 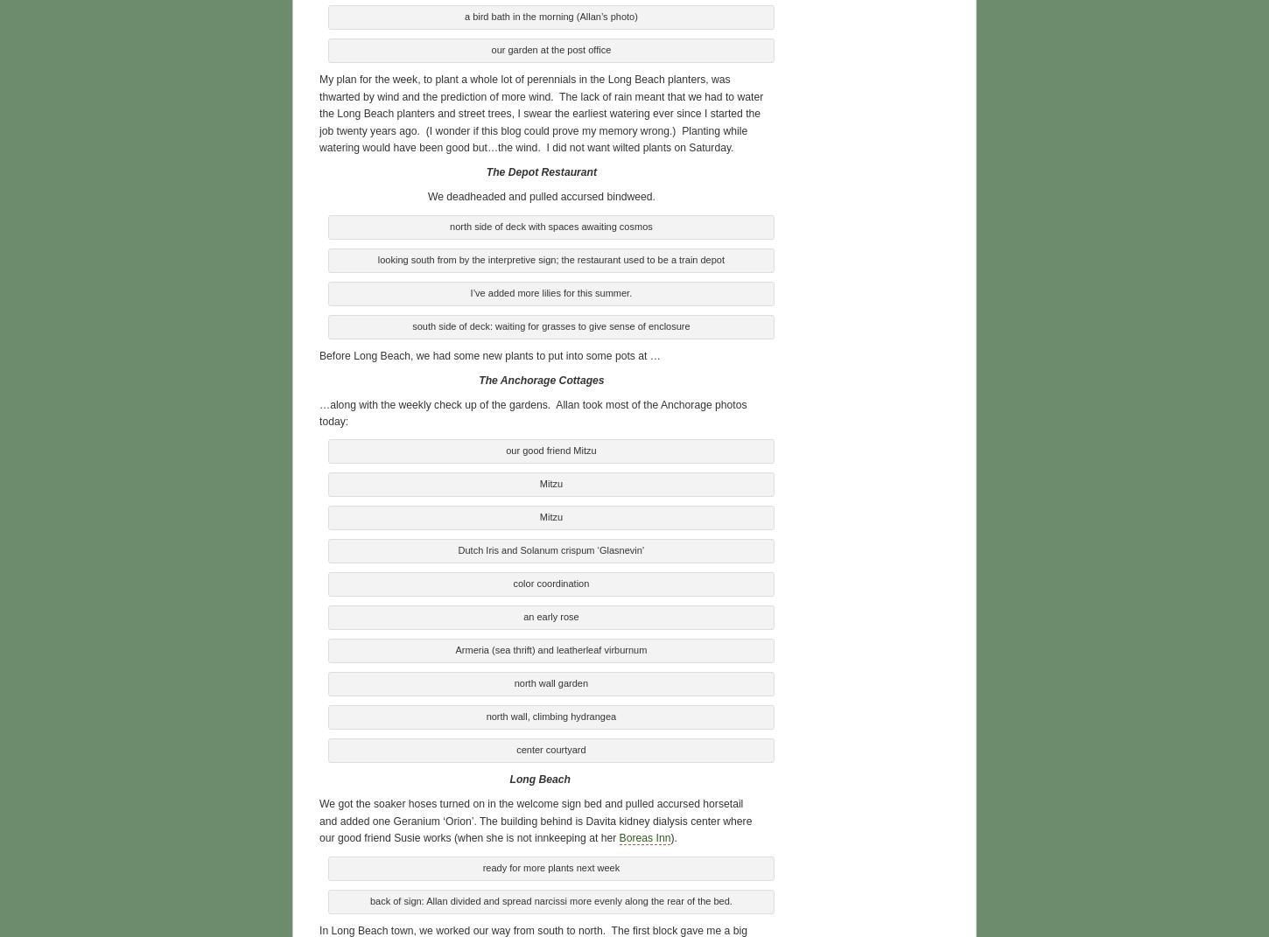 What do you see at coordinates (540, 378) in the screenshot?
I see `'The Anchorage Cottages'` at bounding box center [540, 378].